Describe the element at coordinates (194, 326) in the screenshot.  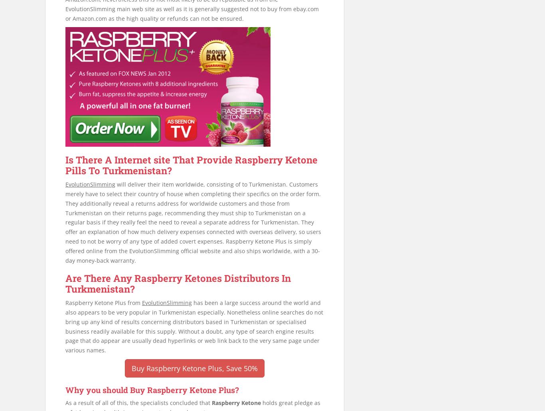
I see `'has been a large success around the world and also appears to be very popular in Turkmenistan especially. Nonetheless online searches do not bring up any kind of results concerning distributors based in Turkmenistan or specialised business readily available for this supply. Without a doubt, any type of search engine results page that do appear are usually dead hyperlinks or web link back to the very same page under various names.'` at that location.